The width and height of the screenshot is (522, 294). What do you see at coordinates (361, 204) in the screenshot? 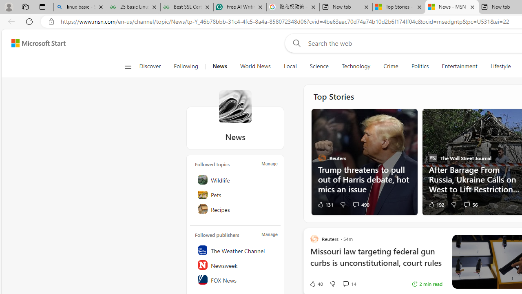
I see `'View comments 490 Comment'` at bounding box center [361, 204].